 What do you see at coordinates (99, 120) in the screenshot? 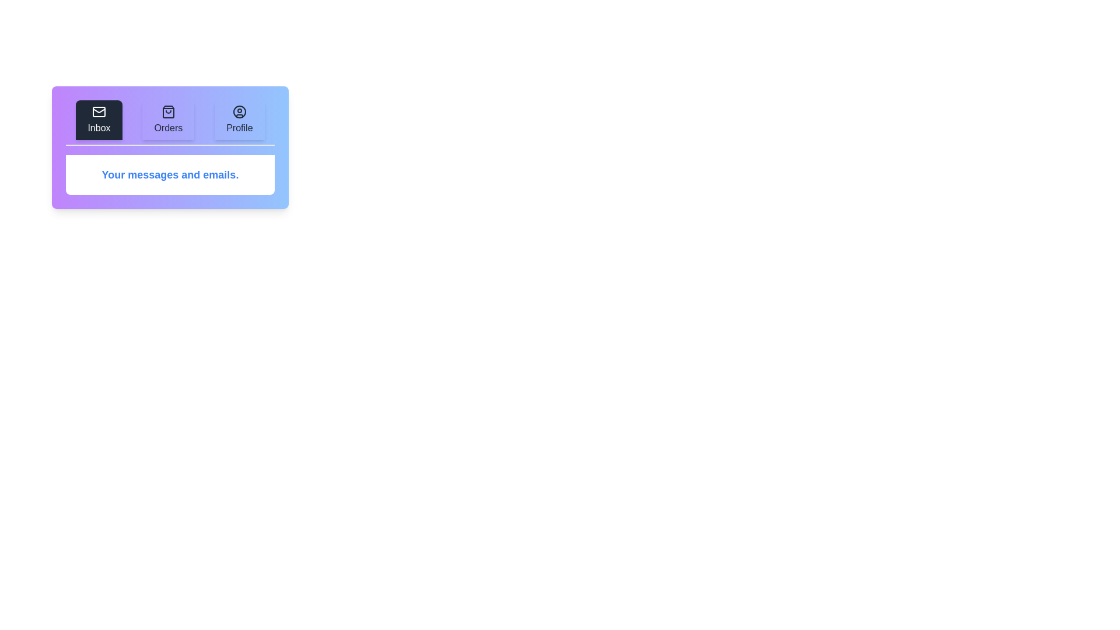
I see `the Inbox tab` at bounding box center [99, 120].